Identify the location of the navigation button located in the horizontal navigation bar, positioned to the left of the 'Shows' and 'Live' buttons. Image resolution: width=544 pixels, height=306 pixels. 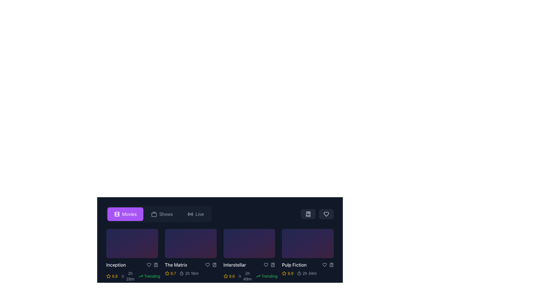
(125, 214).